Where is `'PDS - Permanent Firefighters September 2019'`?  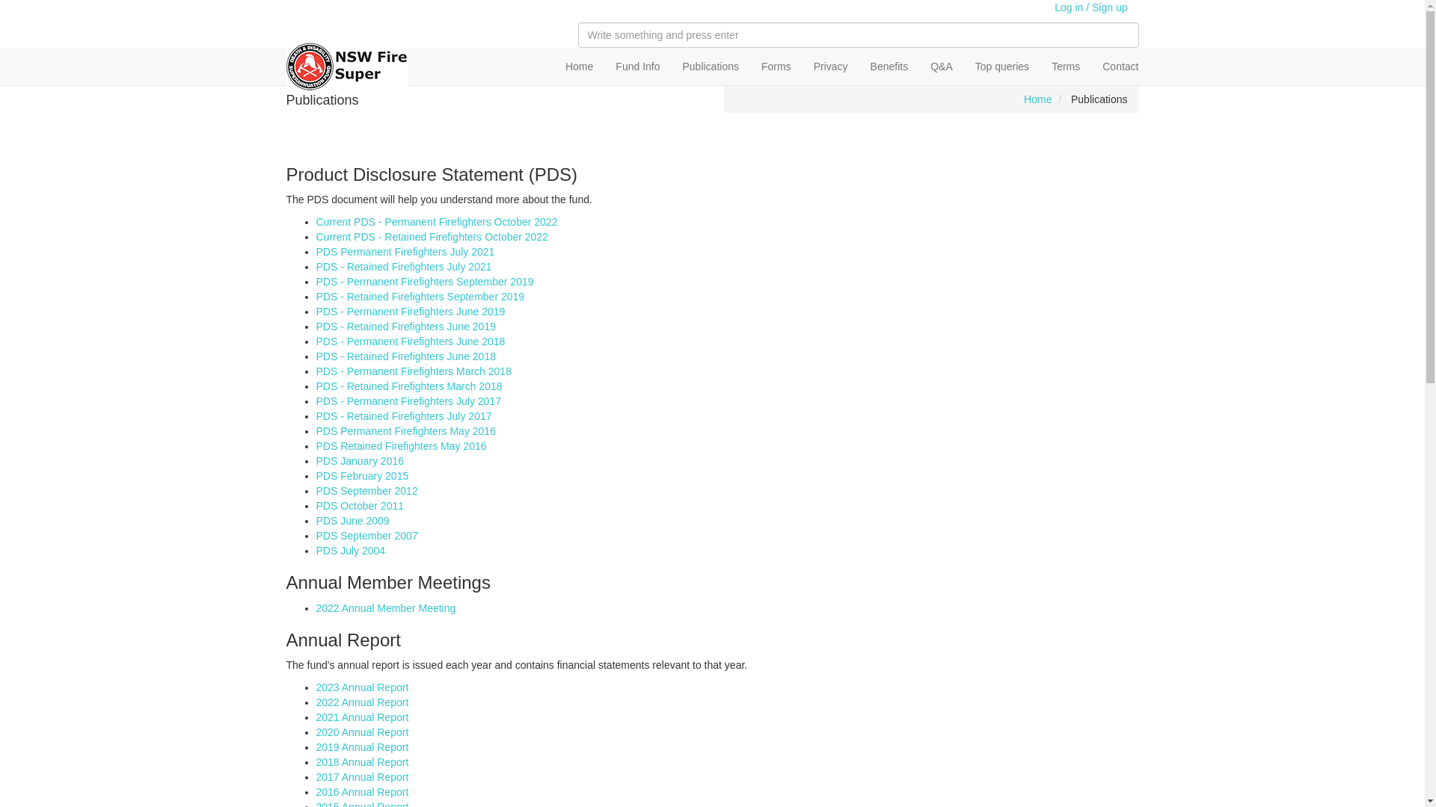 'PDS - Permanent Firefighters September 2019' is located at coordinates (423, 282).